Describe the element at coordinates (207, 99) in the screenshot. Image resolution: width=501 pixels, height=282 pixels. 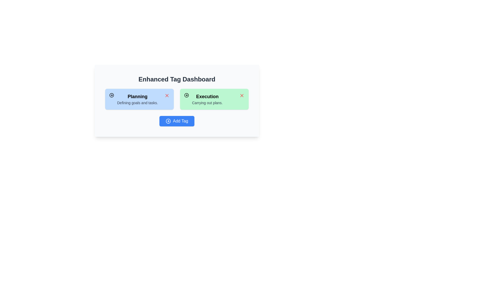
I see `the 'Execution' tag, which is the second tag in a row, aligned to the right of the 'Planning' tag` at that location.